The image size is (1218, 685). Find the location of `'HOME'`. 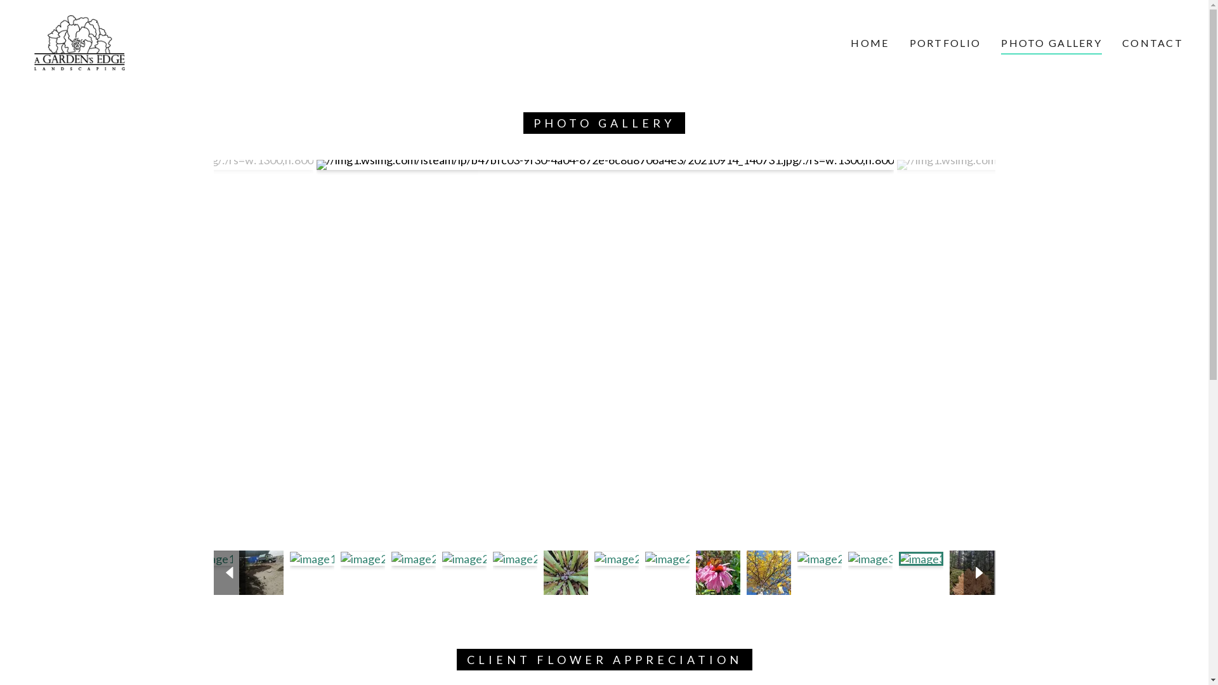

'HOME' is located at coordinates (869, 42).